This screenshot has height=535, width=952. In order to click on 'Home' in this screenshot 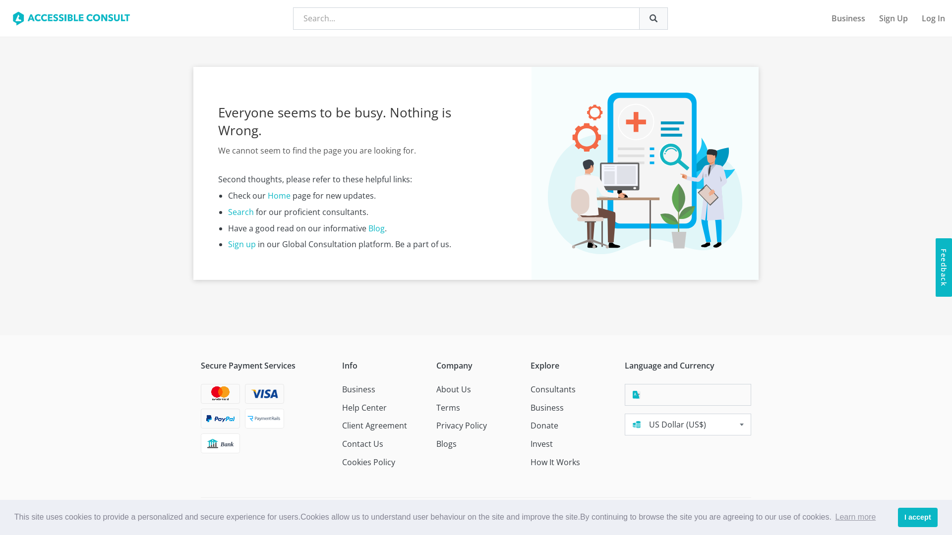, I will do `click(267, 195)`.